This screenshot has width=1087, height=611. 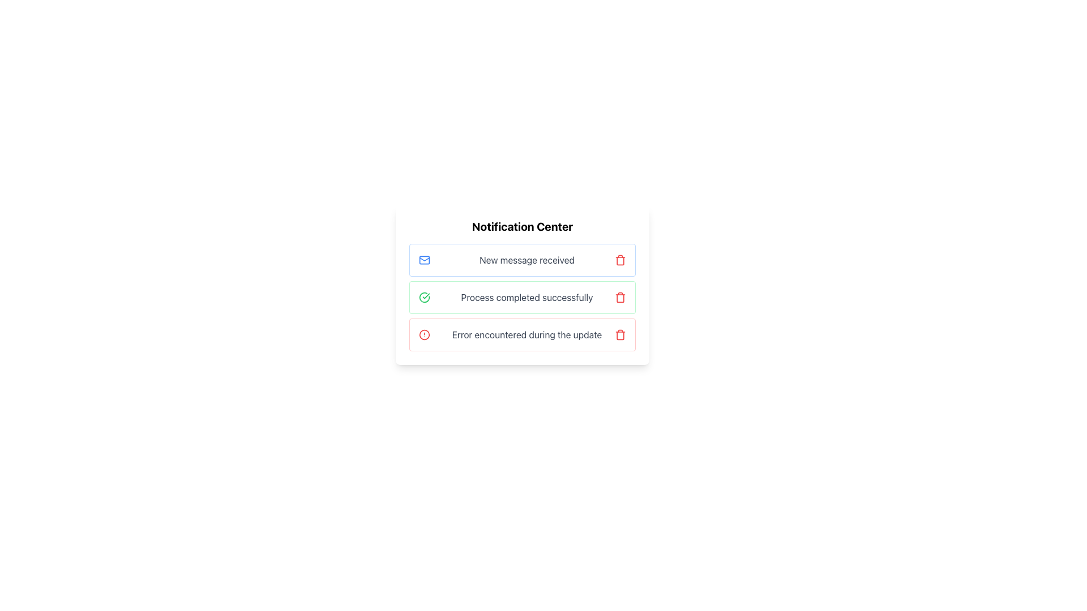 I want to click on the red trash bin icon button located in the notification message box labeled 'Process completed successfully' to trigger styling effects, so click(x=619, y=296).